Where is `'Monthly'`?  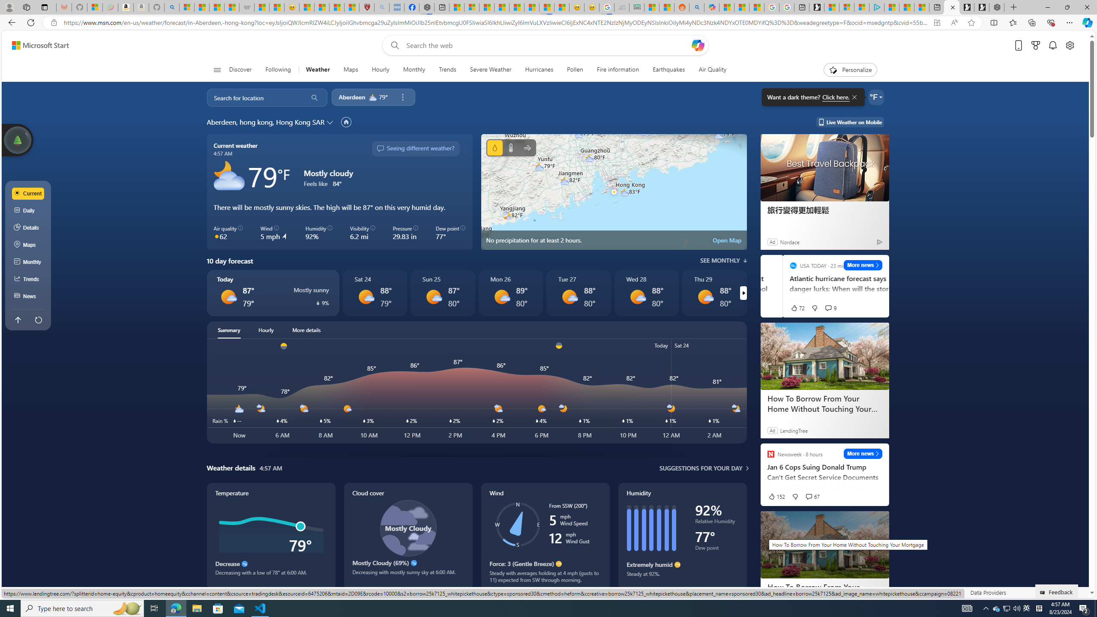 'Monthly' is located at coordinates (414, 69).